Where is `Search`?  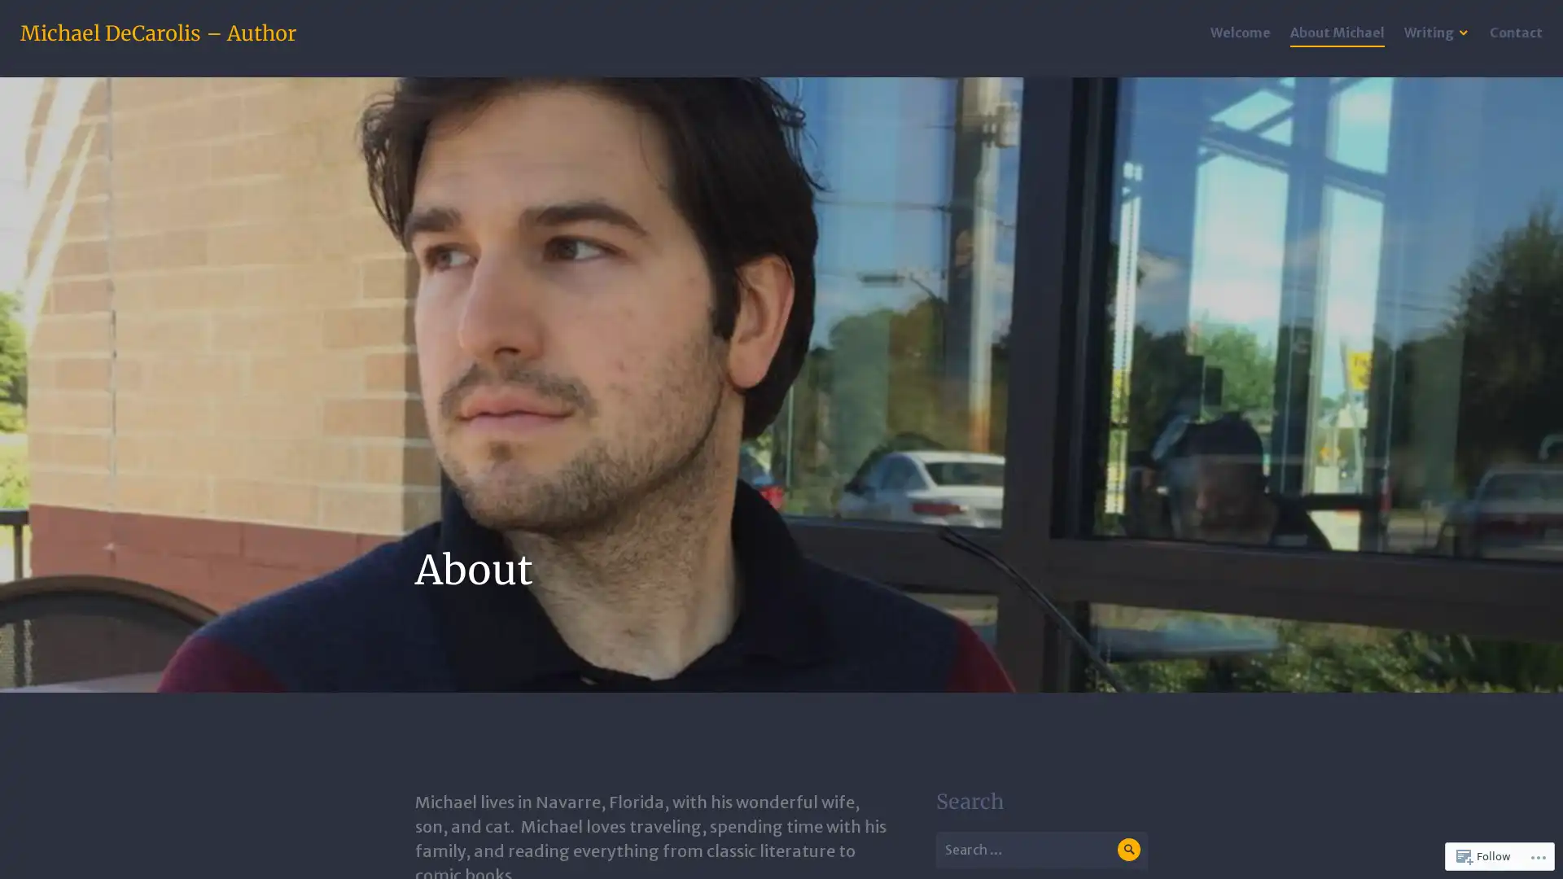 Search is located at coordinates (1127, 848).